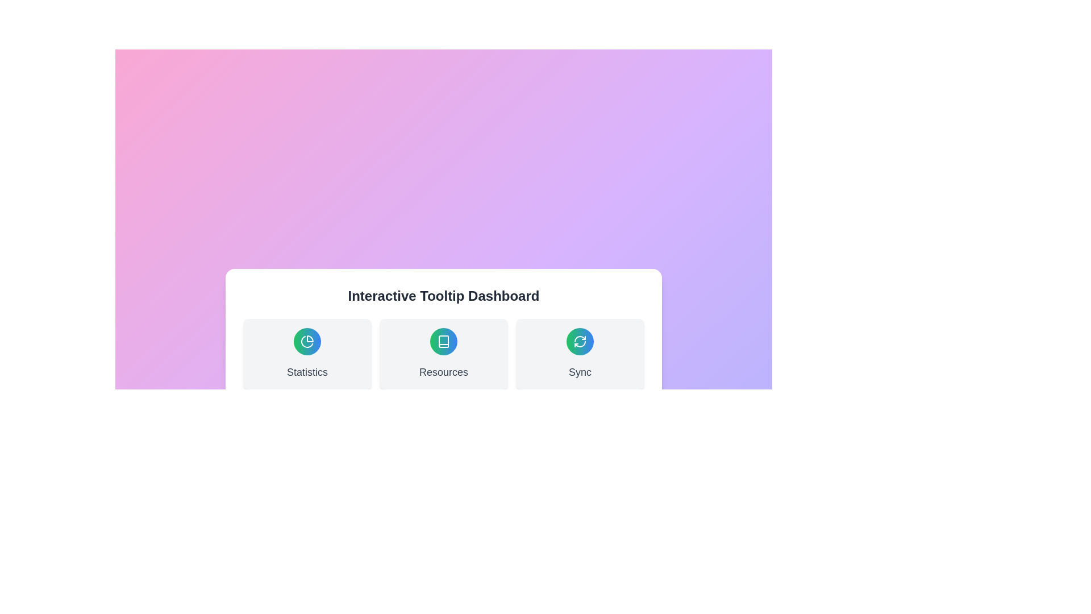 Image resolution: width=1091 pixels, height=614 pixels. I want to click on the circular refresh icon located in the rightmost panel under the title 'Interactive Tooltip Dashboard', which features two white arrows on a gradient background transitioning from green to blue, so click(580, 341).